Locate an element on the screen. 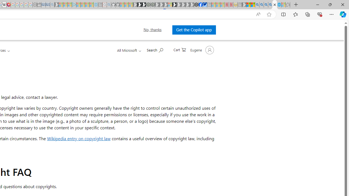  'MediaWiki' is located at coordinates (9, 5).